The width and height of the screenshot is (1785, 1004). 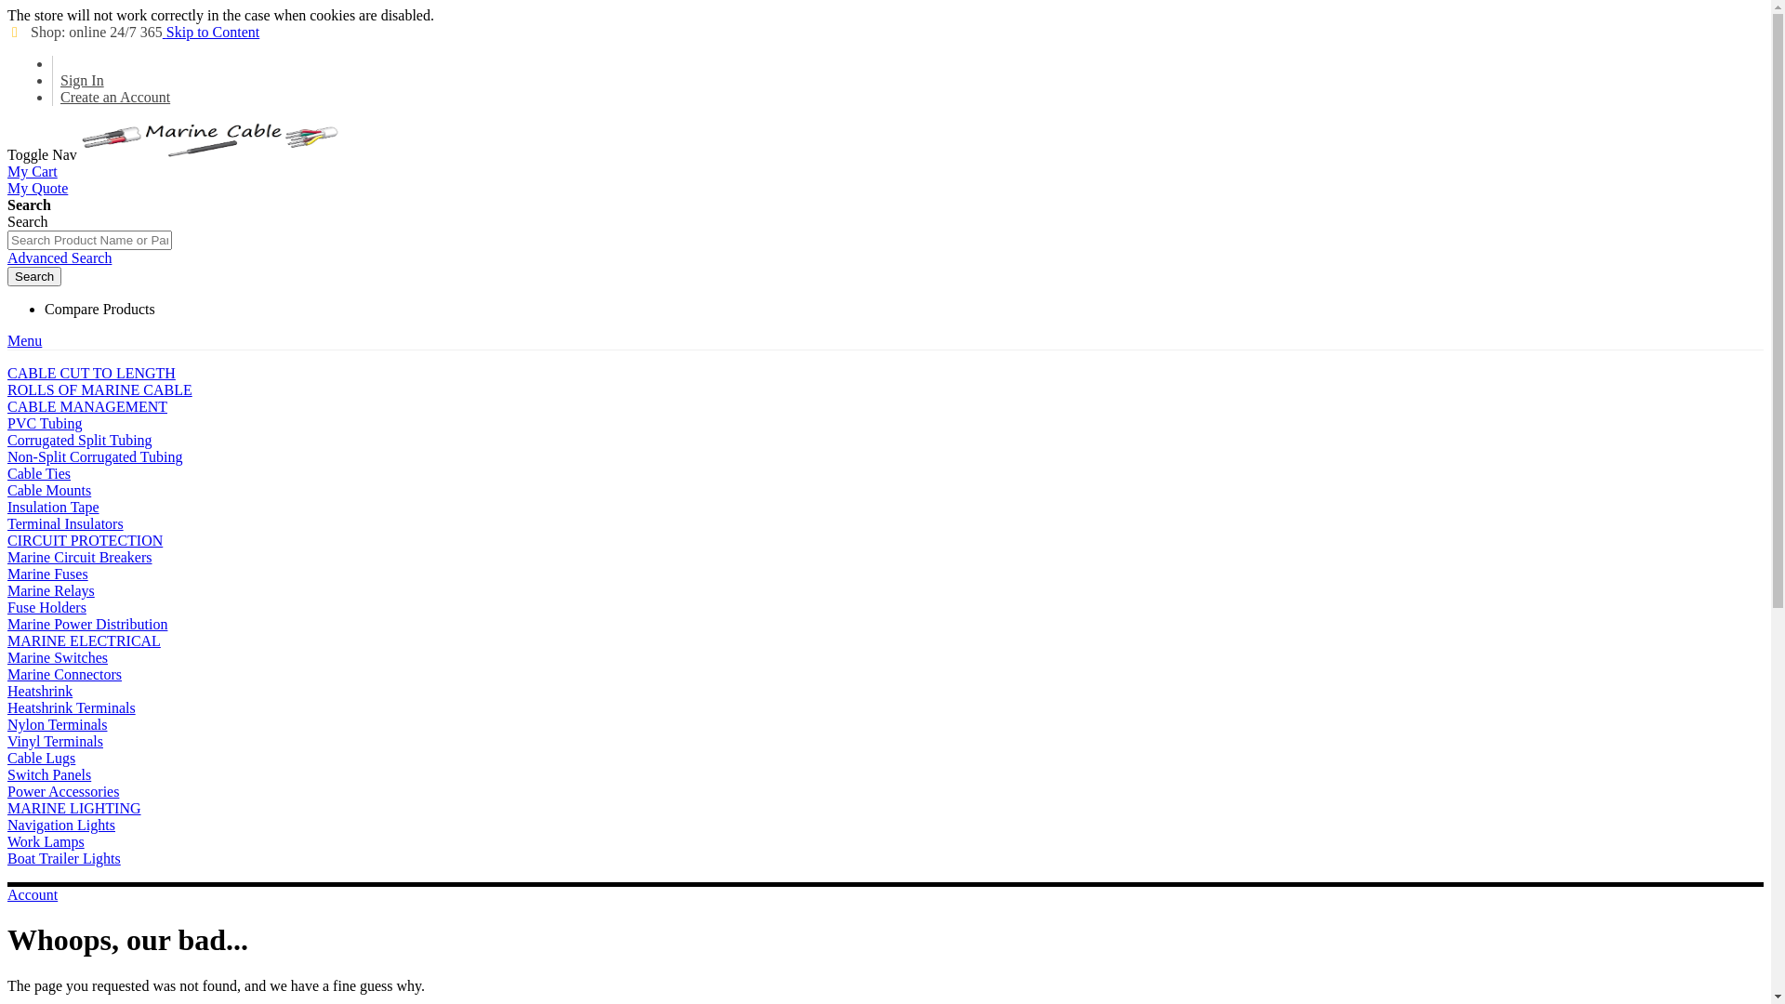 What do you see at coordinates (7, 523) in the screenshot?
I see `'Terminal Insulators'` at bounding box center [7, 523].